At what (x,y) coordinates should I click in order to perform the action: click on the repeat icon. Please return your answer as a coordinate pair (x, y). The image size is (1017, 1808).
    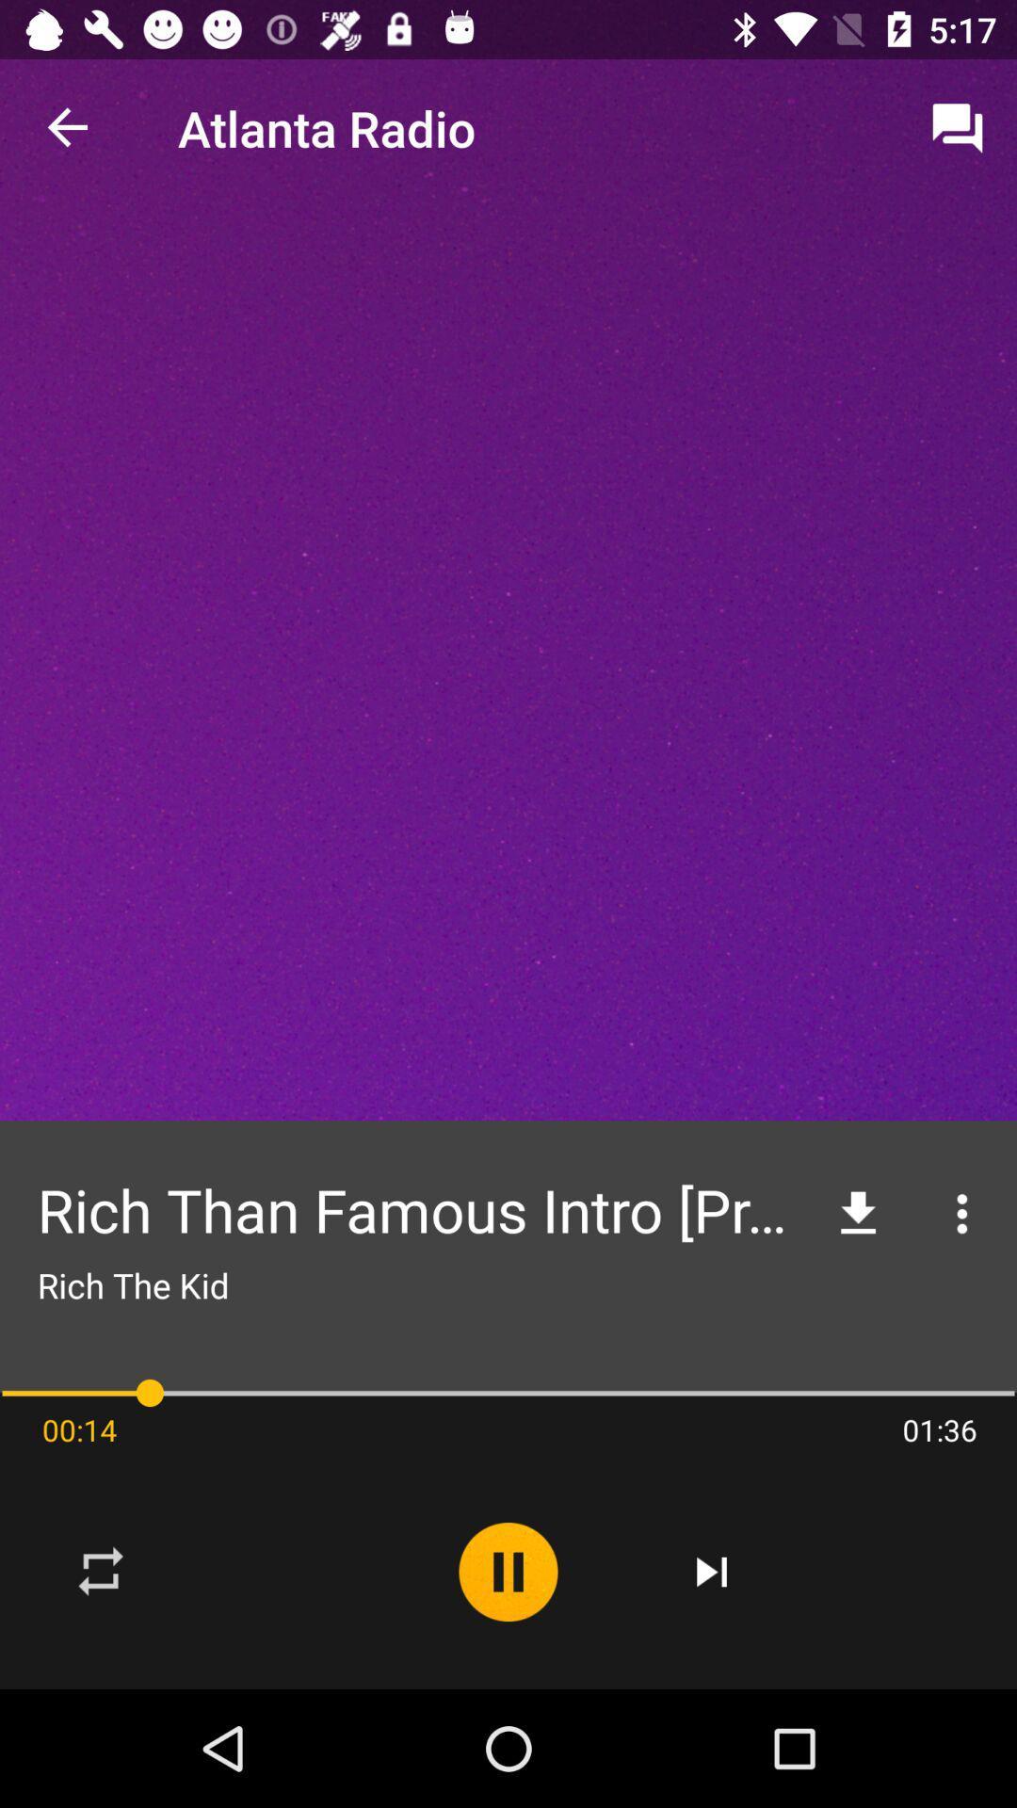
    Looking at the image, I should click on (102, 1572).